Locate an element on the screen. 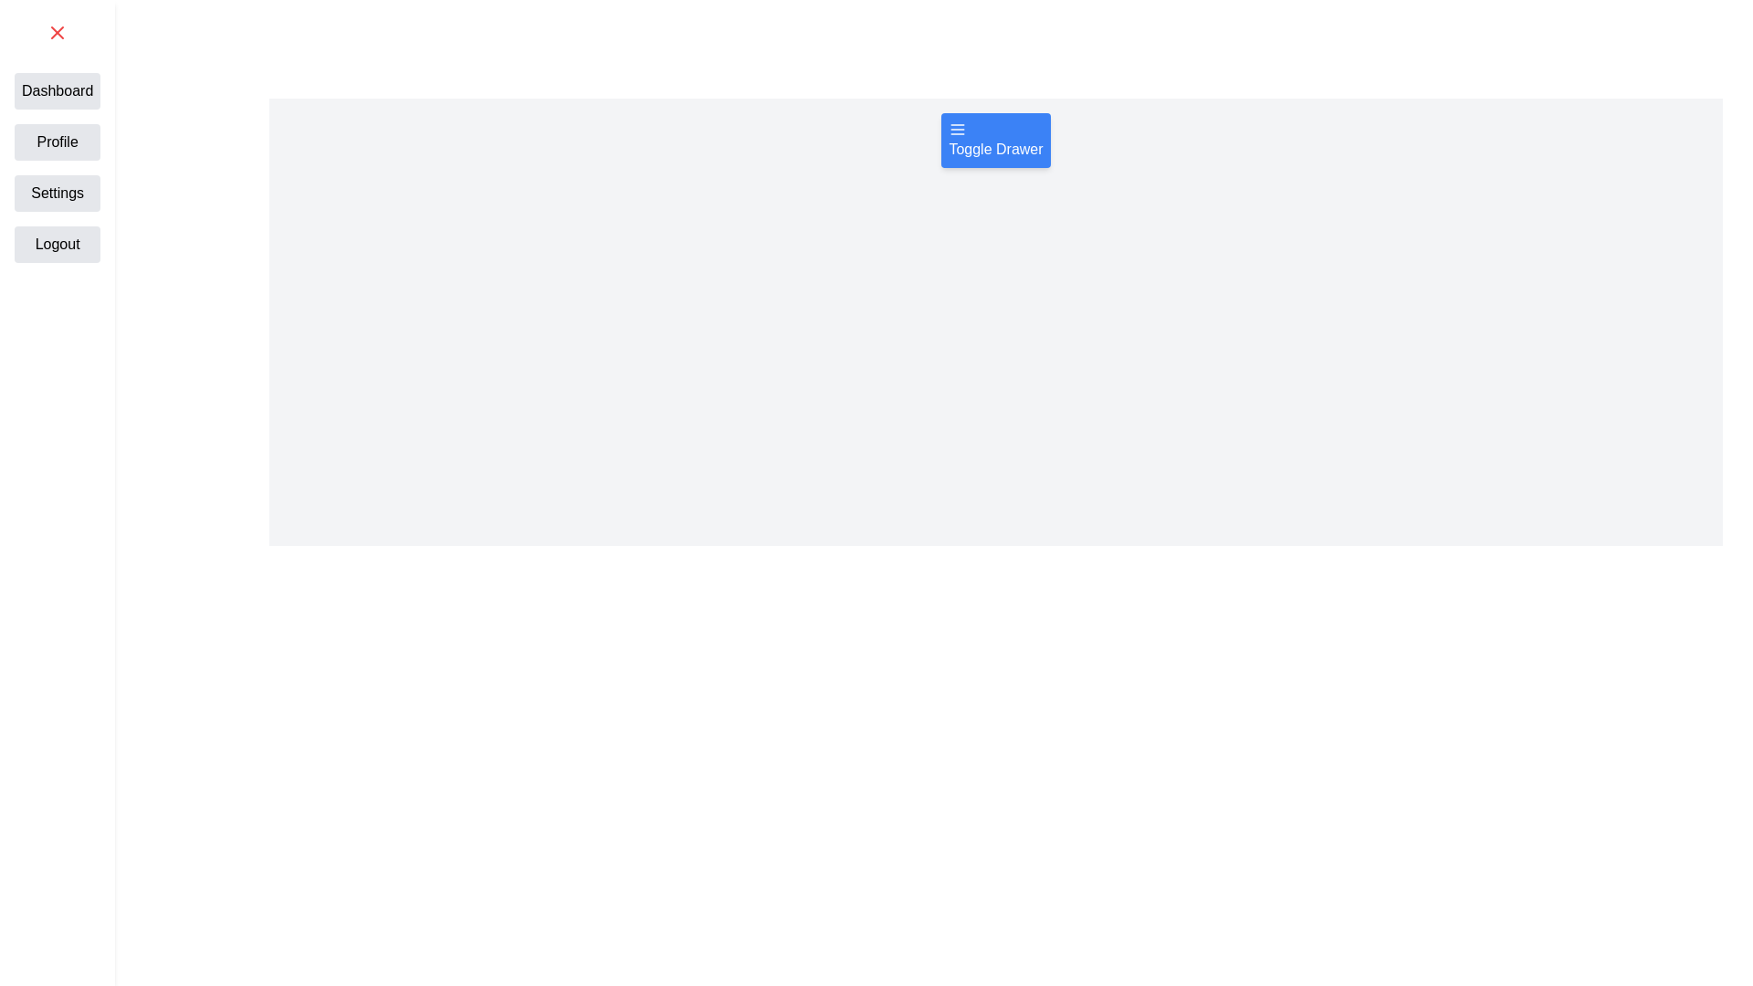 This screenshot has height=986, width=1753. the text label Profile from the drawer is located at coordinates (58, 141).